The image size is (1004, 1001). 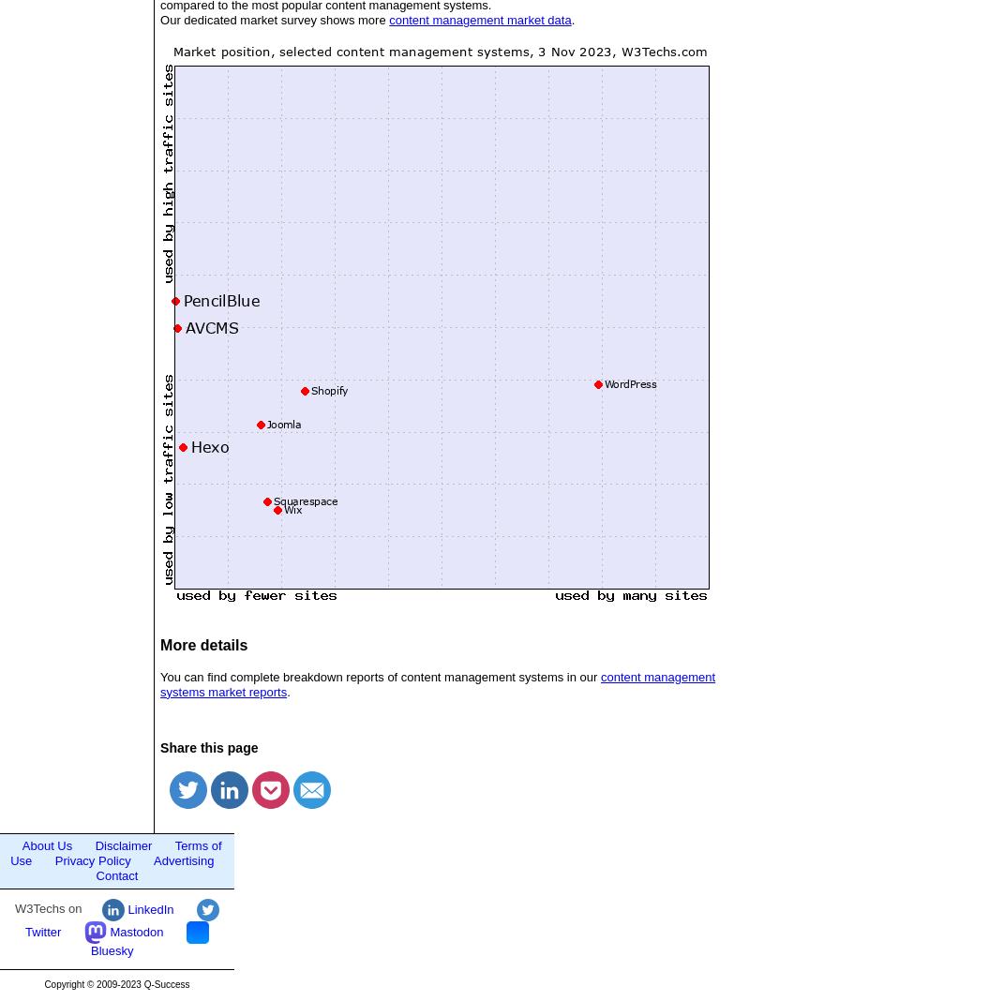 I want to click on 'Disclaimer', so click(x=123, y=844).